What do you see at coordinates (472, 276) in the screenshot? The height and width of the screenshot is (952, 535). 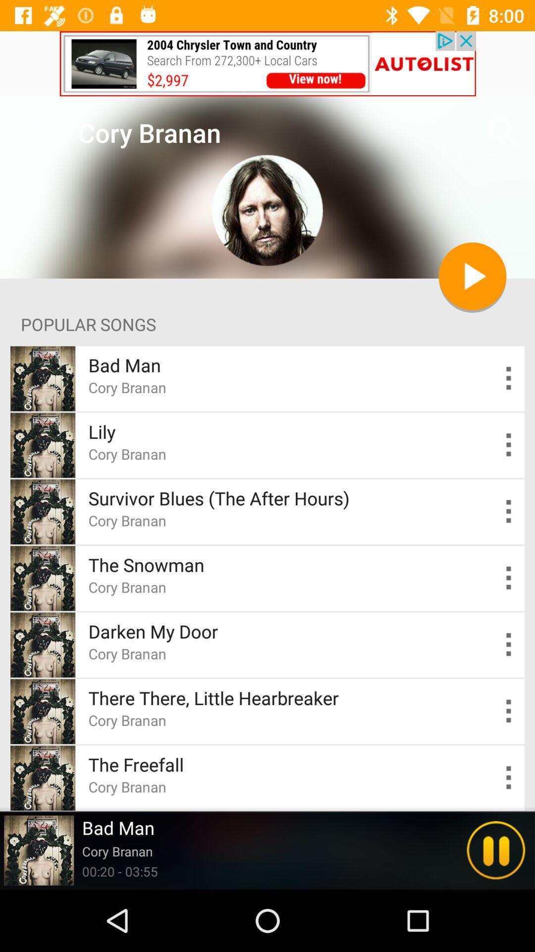 I see `the play icon` at bounding box center [472, 276].